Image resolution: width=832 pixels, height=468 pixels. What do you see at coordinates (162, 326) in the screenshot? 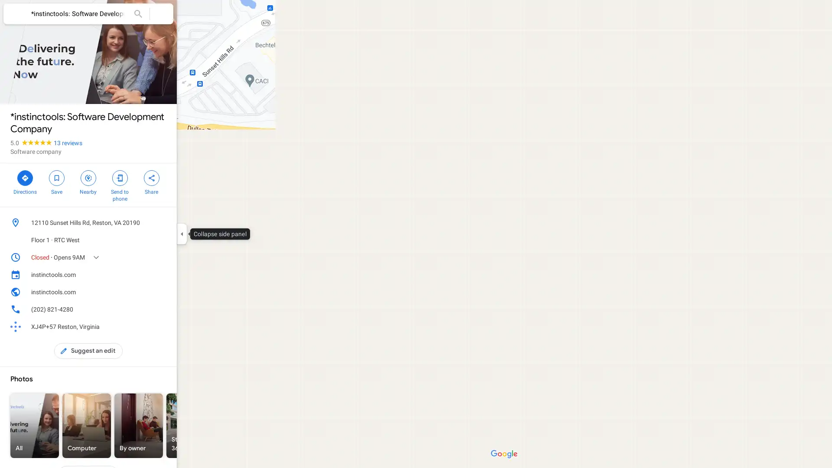
I see `Learn more about plus codes` at bounding box center [162, 326].